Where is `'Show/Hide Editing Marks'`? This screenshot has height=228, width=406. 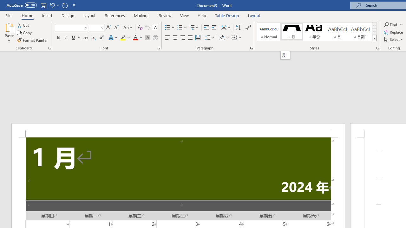 'Show/Hide Editing Marks' is located at coordinates (248, 27).